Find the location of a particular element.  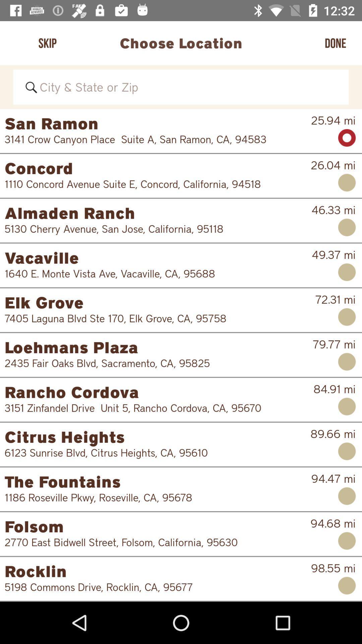

item to the left of 89.66 mi icon is located at coordinates (153, 452).